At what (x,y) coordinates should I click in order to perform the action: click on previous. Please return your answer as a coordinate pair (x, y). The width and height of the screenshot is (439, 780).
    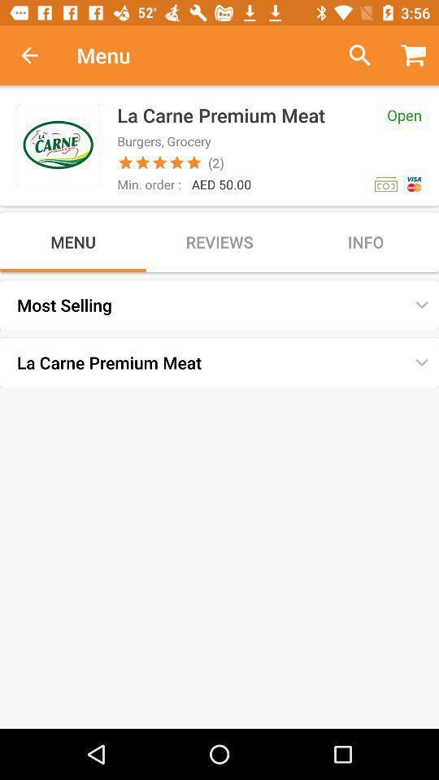
    Looking at the image, I should click on (38, 55).